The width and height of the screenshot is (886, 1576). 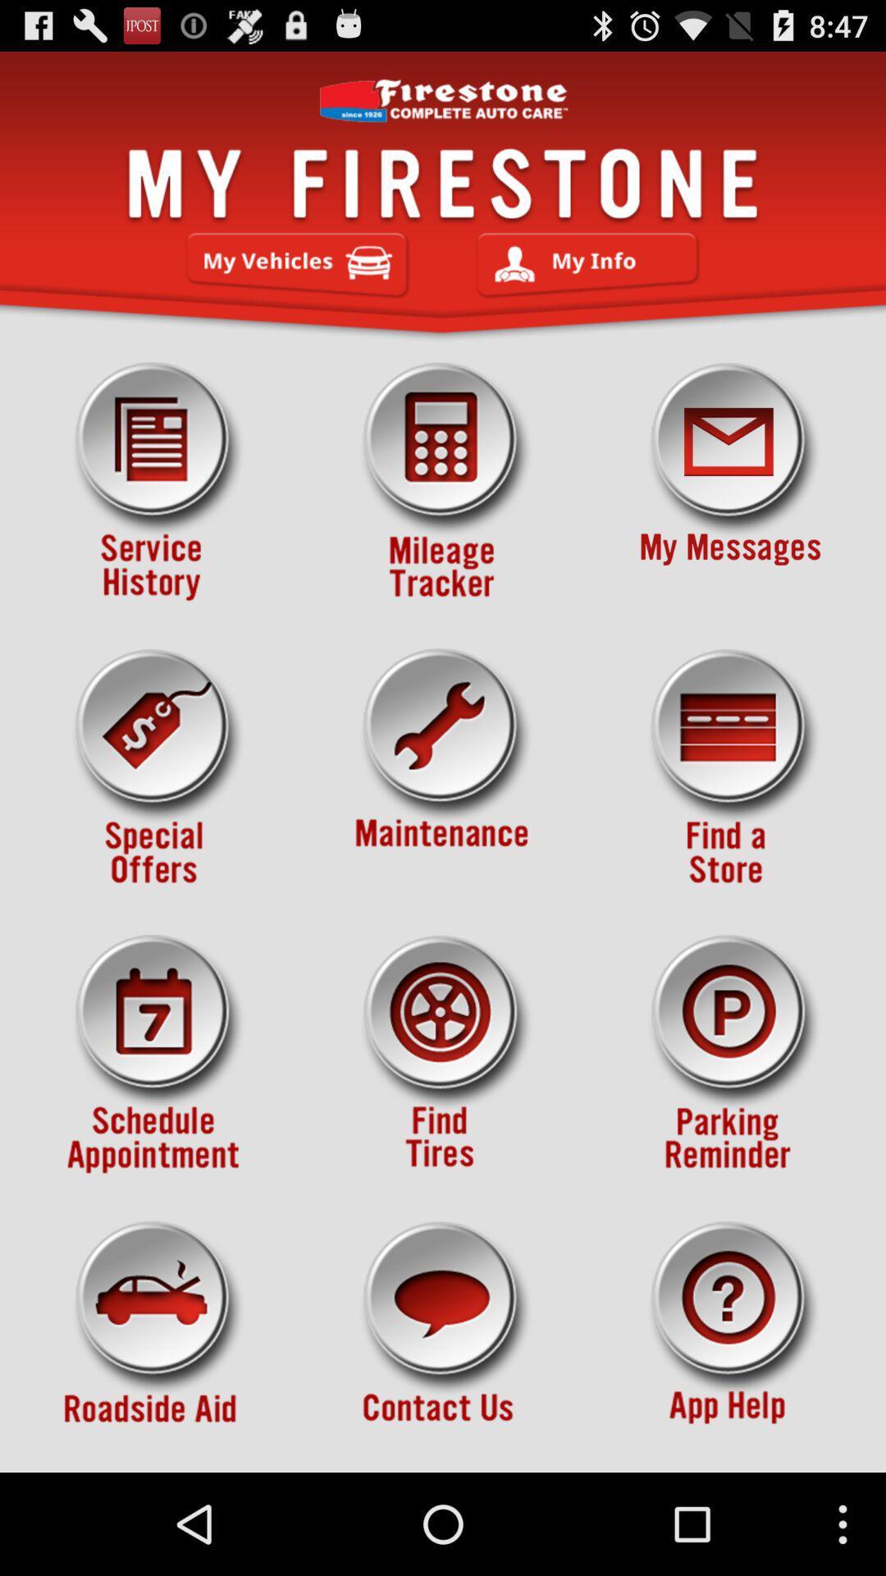 I want to click on mileage tracker, so click(x=443, y=481).